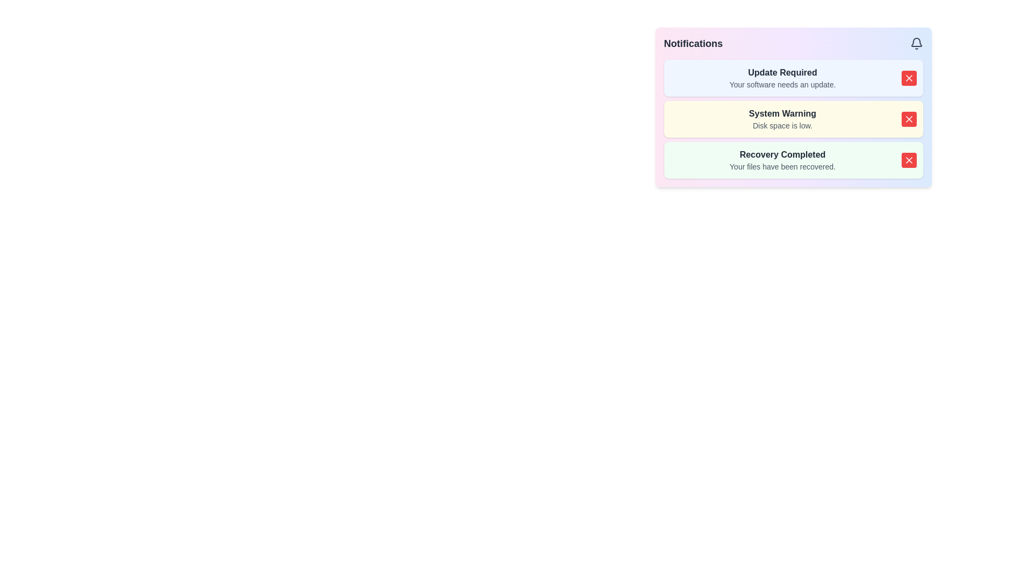 Image resolution: width=1036 pixels, height=583 pixels. Describe the element at coordinates (908, 78) in the screenshot. I see `the close button in the top-right corner of the 'Update Required' notification` at that location.